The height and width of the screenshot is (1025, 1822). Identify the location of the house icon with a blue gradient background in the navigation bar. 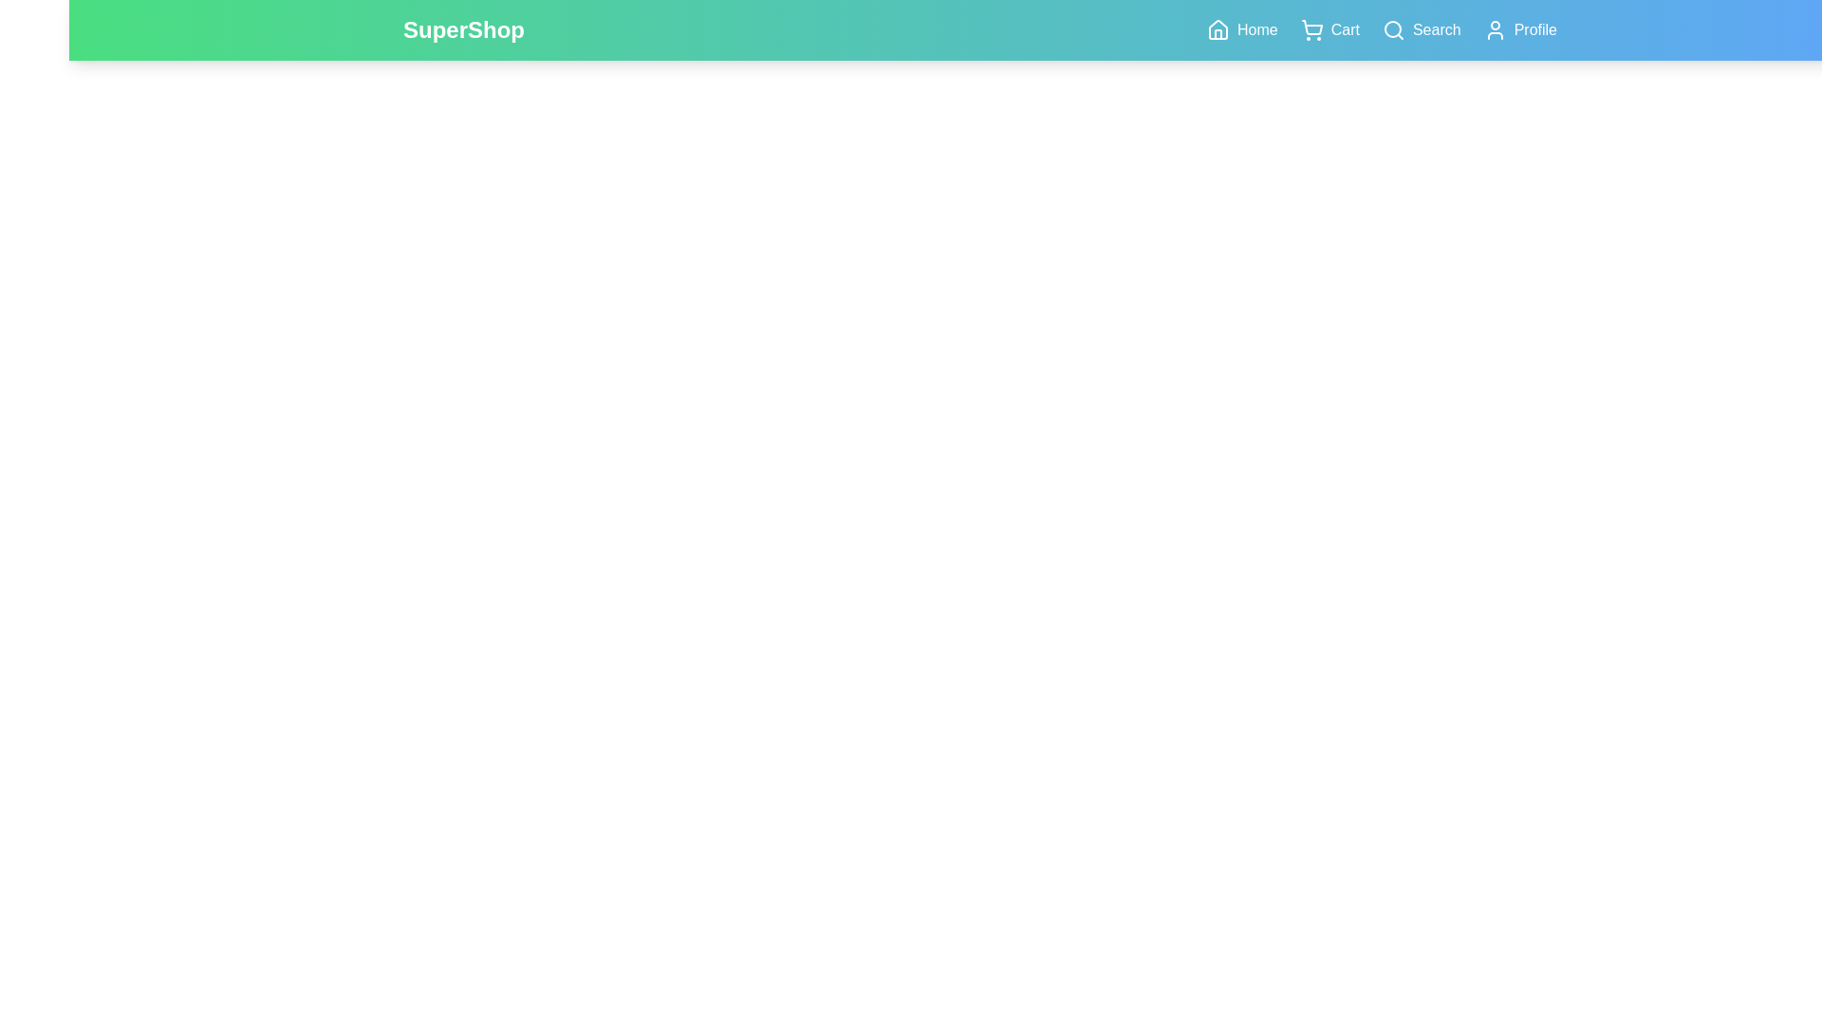
(1218, 29).